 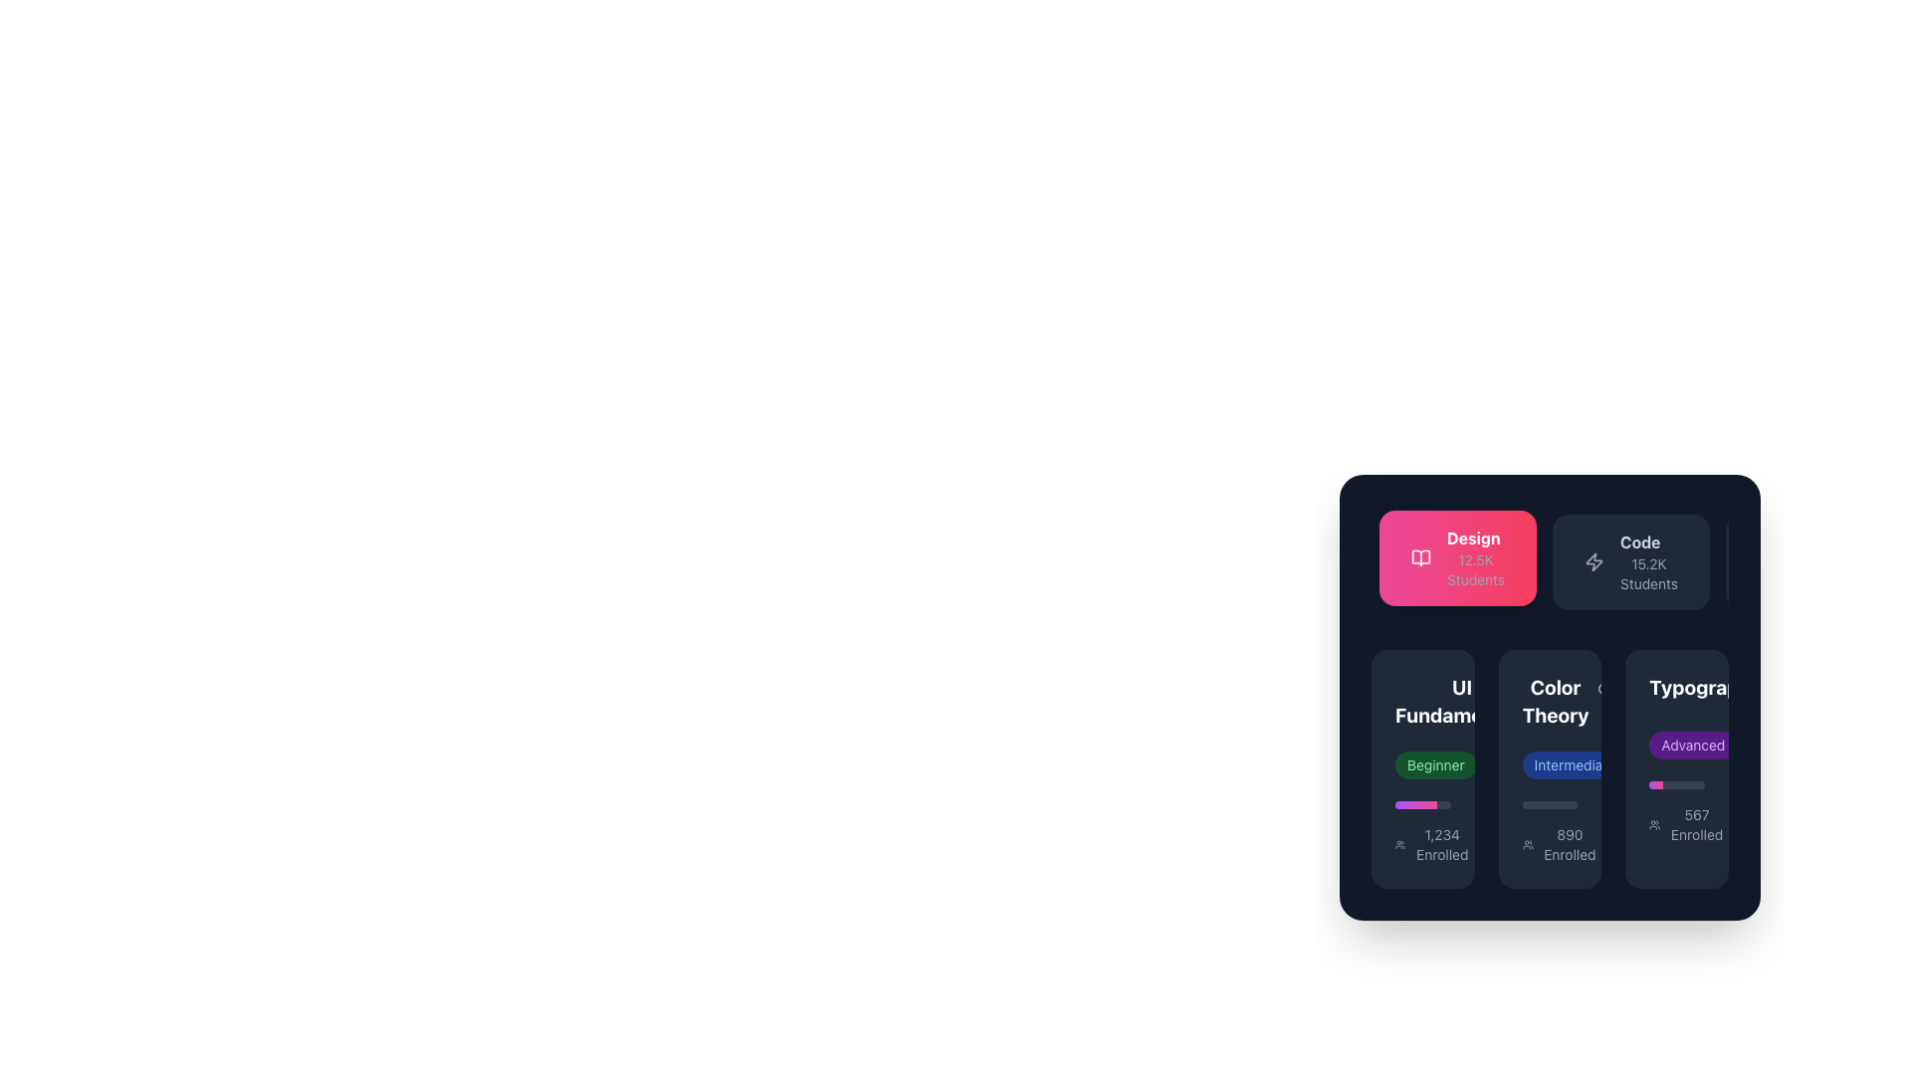 What do you see at coordinates (1476, 570) in the screenshot?
I see `the Text label indicating the number of students associated with the 'Design' category, located below the 'Design' label in the upper-left corner of the grid layout` at bounding box center [1476, 570].